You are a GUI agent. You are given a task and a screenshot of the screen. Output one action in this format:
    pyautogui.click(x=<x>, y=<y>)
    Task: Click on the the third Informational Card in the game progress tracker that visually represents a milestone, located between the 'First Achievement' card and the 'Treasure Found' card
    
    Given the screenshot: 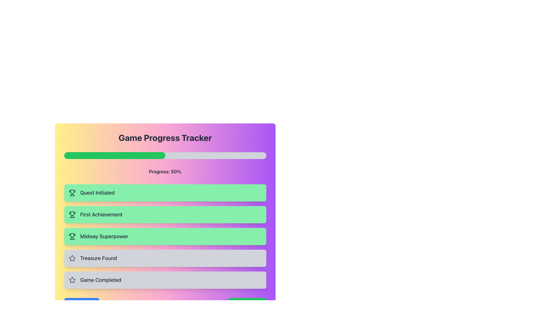 What is the action you would take?
    pyautogui.click(x=165, y=237)
    